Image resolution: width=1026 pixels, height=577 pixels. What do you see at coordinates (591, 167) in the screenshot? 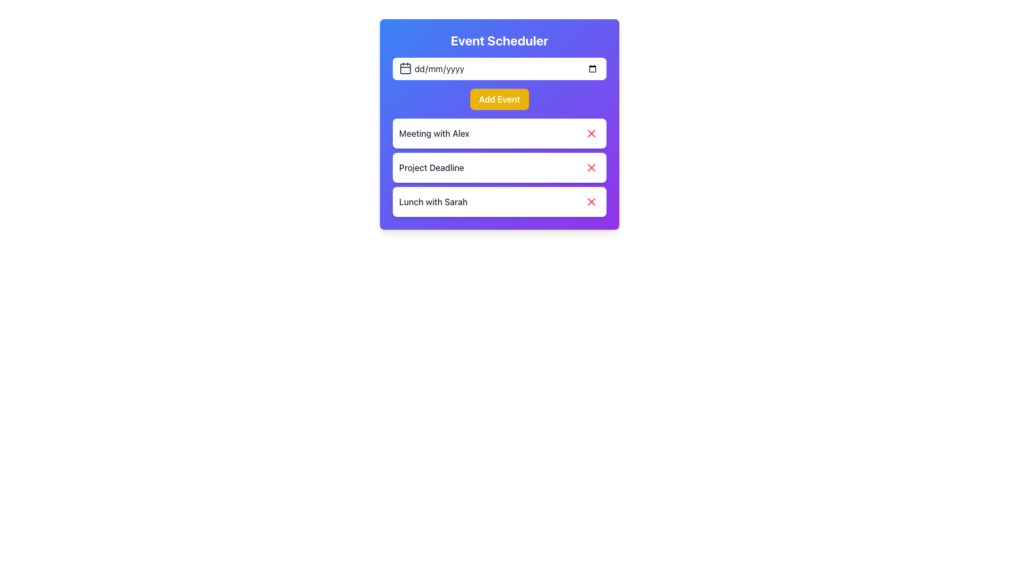
I see `the deletion button located on the rightmost side of the 'Project Deadline' component` at bounding box center [591, 167].